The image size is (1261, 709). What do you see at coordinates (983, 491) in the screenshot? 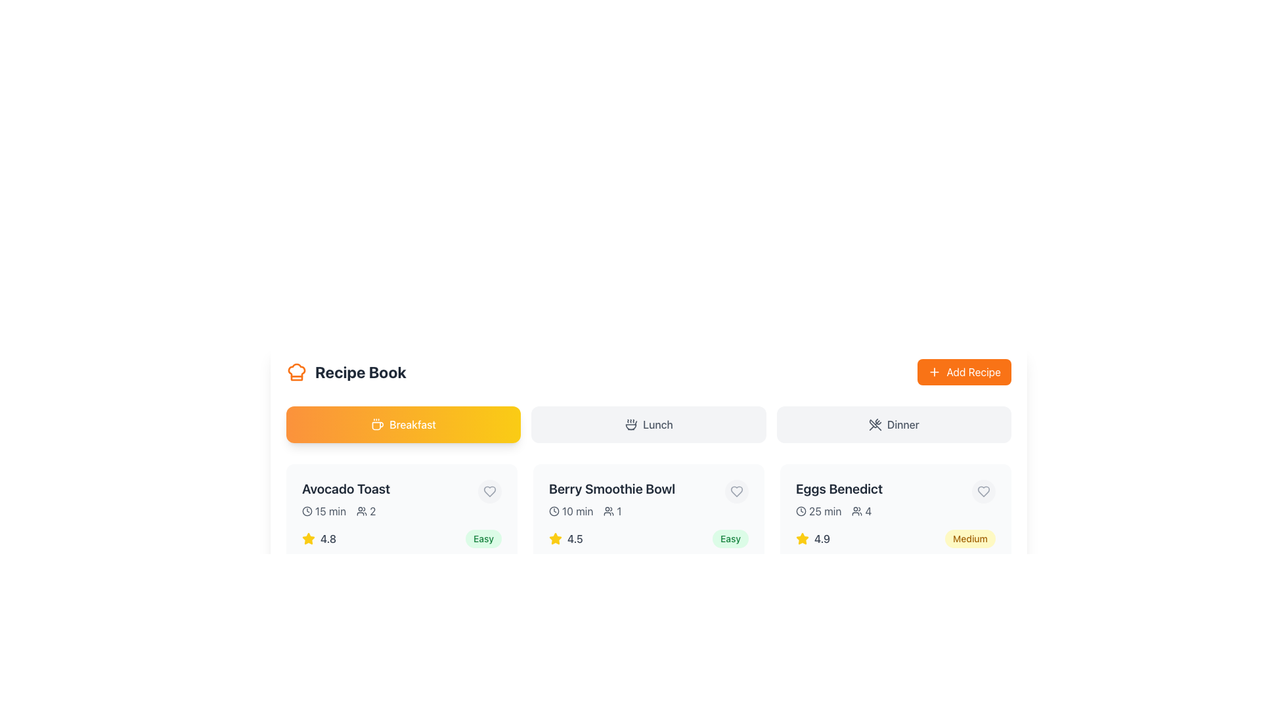
I see `the heart icon button located in the top-right corner of the 'Eggs Benedict' card` at bounding box center [983, 491].